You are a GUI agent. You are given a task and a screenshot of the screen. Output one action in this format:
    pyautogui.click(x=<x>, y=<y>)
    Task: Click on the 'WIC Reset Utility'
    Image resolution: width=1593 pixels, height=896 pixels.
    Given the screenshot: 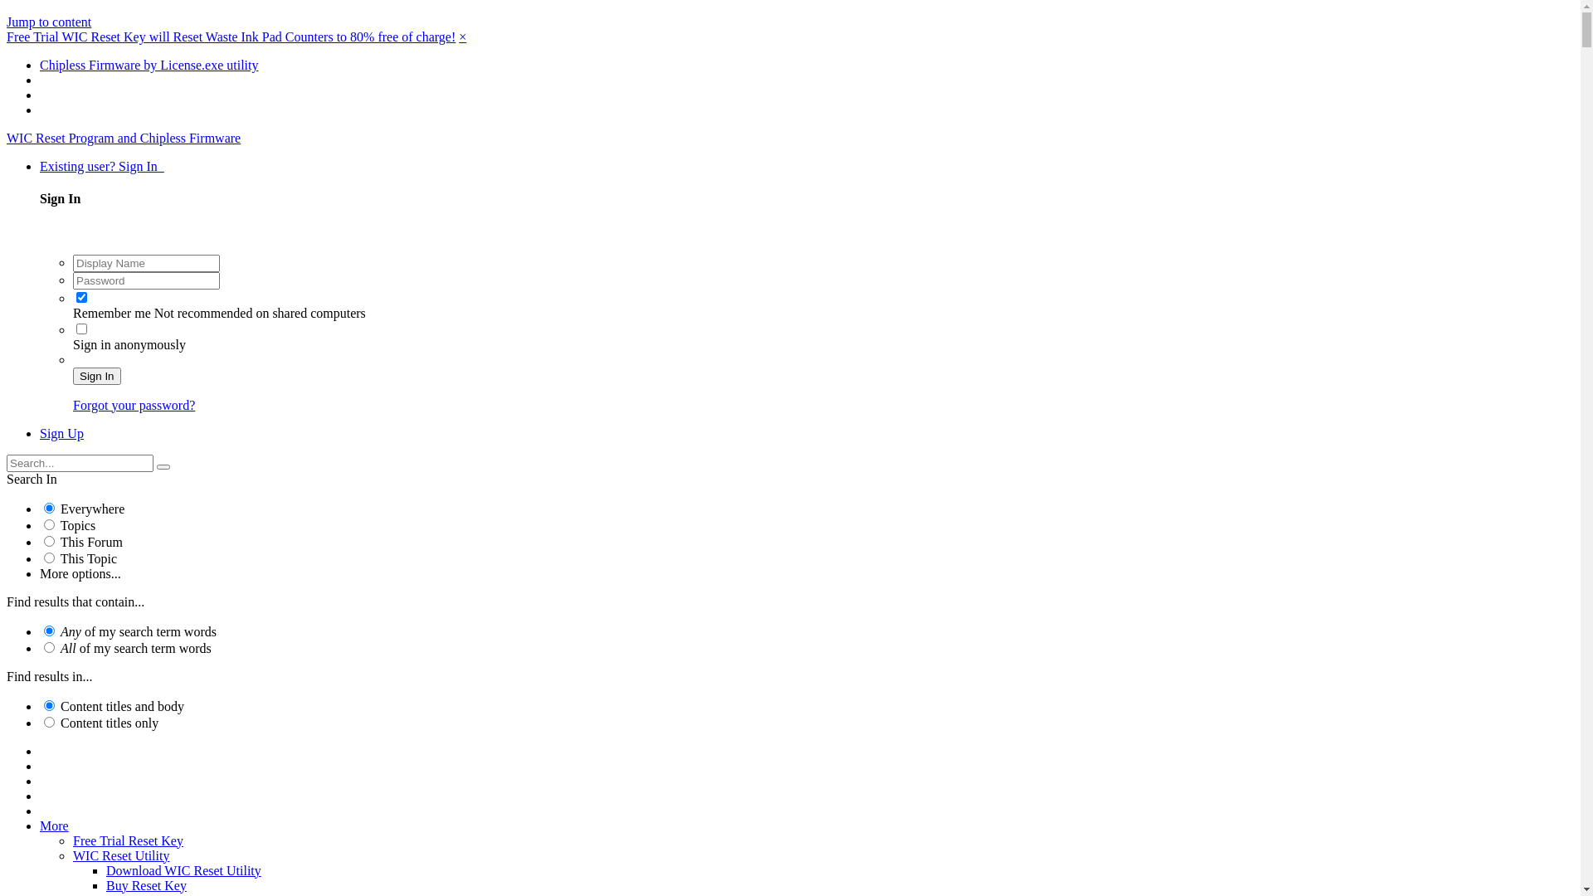 What is the action you would take?
    pyautogui.click(x=71, y=855)
    